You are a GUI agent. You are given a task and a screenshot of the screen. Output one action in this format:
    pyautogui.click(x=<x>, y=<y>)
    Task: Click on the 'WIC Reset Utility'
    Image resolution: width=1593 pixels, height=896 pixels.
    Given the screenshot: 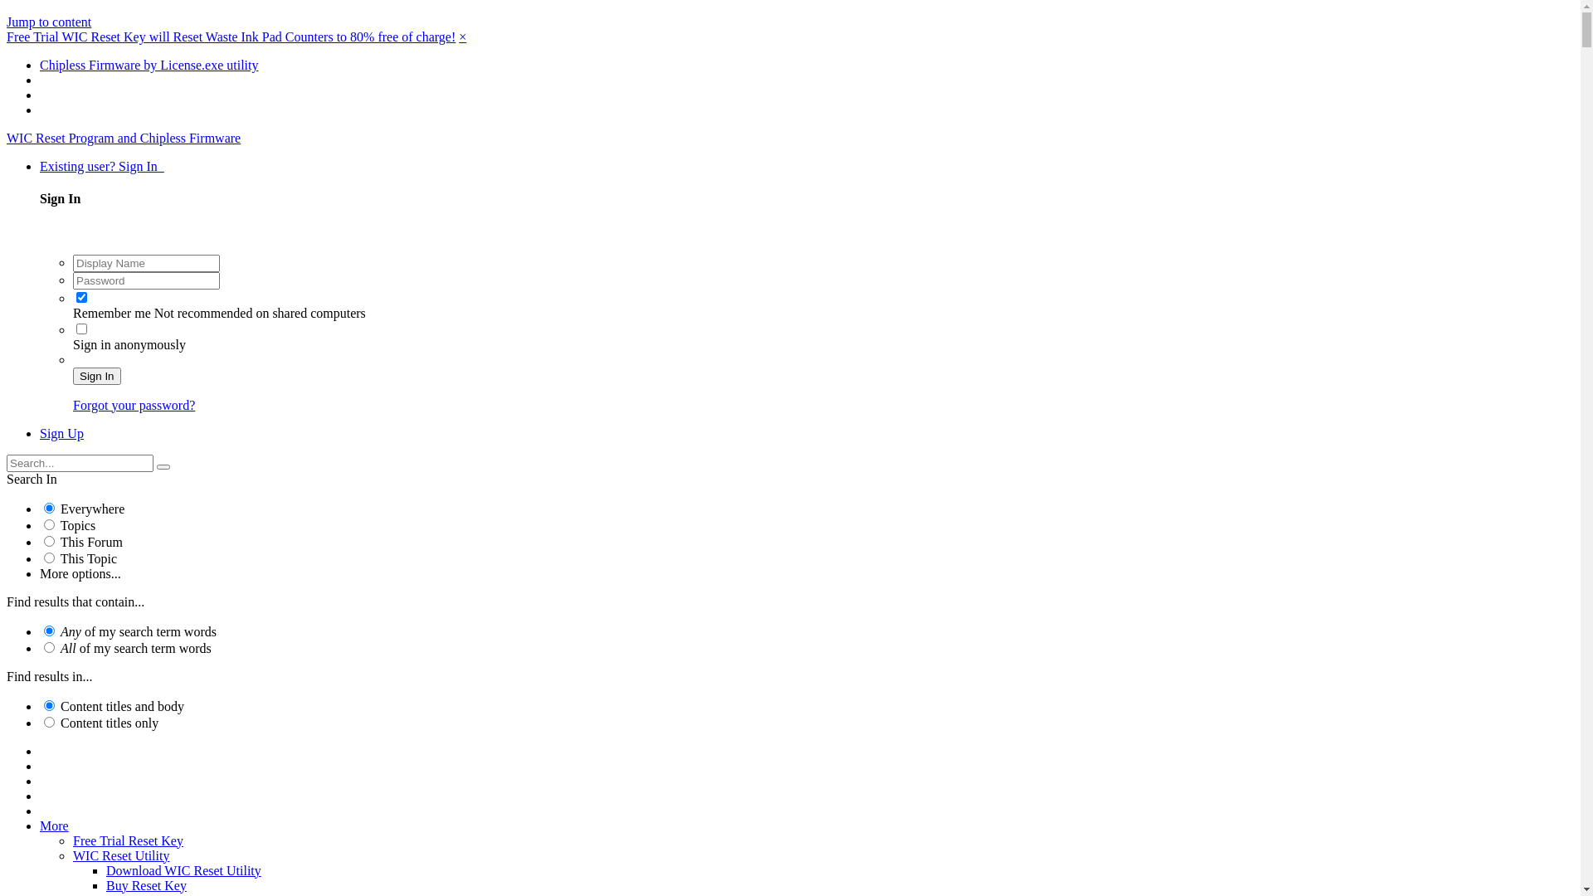 What is the action you would take?
    pyautogui.click(x=71, y=855)
    